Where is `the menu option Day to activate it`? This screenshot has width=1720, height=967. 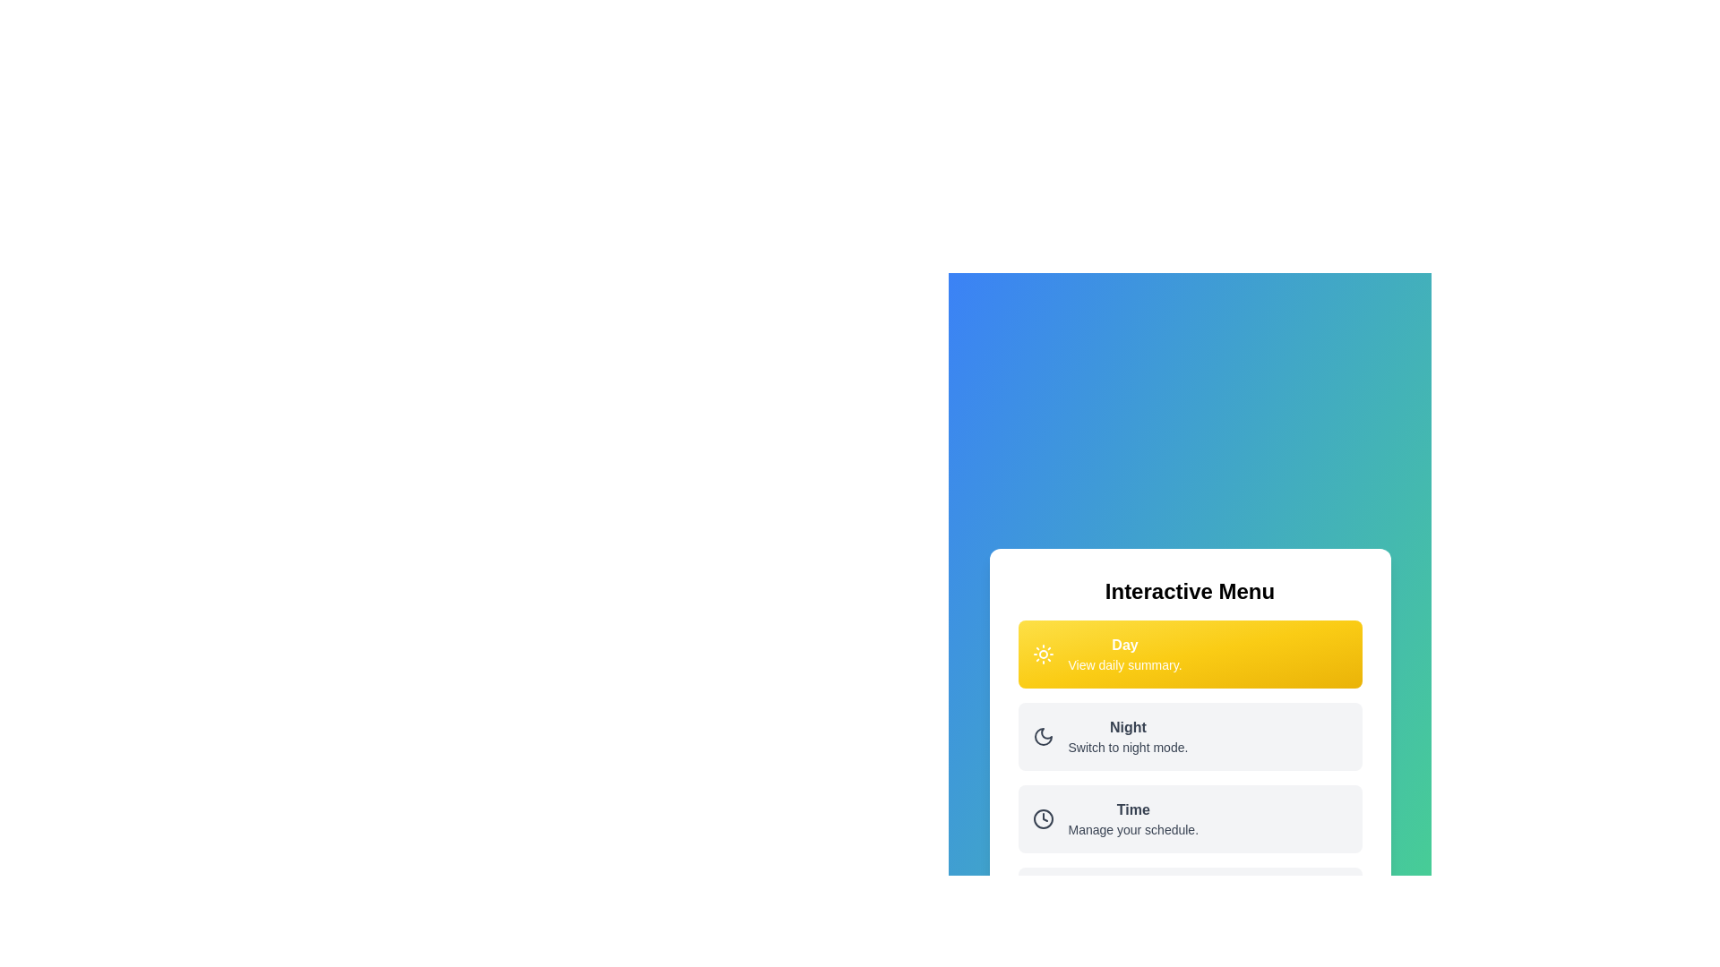 the menu option Day to activate it is located at coordinates (1190, 655).